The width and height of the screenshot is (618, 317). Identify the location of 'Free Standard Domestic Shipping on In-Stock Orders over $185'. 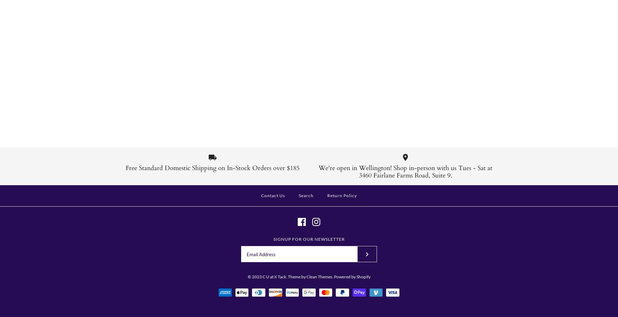
(212, 168).